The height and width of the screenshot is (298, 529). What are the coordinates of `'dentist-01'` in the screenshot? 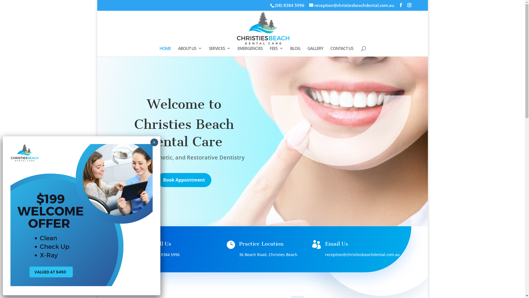 It's located at (341, 131).